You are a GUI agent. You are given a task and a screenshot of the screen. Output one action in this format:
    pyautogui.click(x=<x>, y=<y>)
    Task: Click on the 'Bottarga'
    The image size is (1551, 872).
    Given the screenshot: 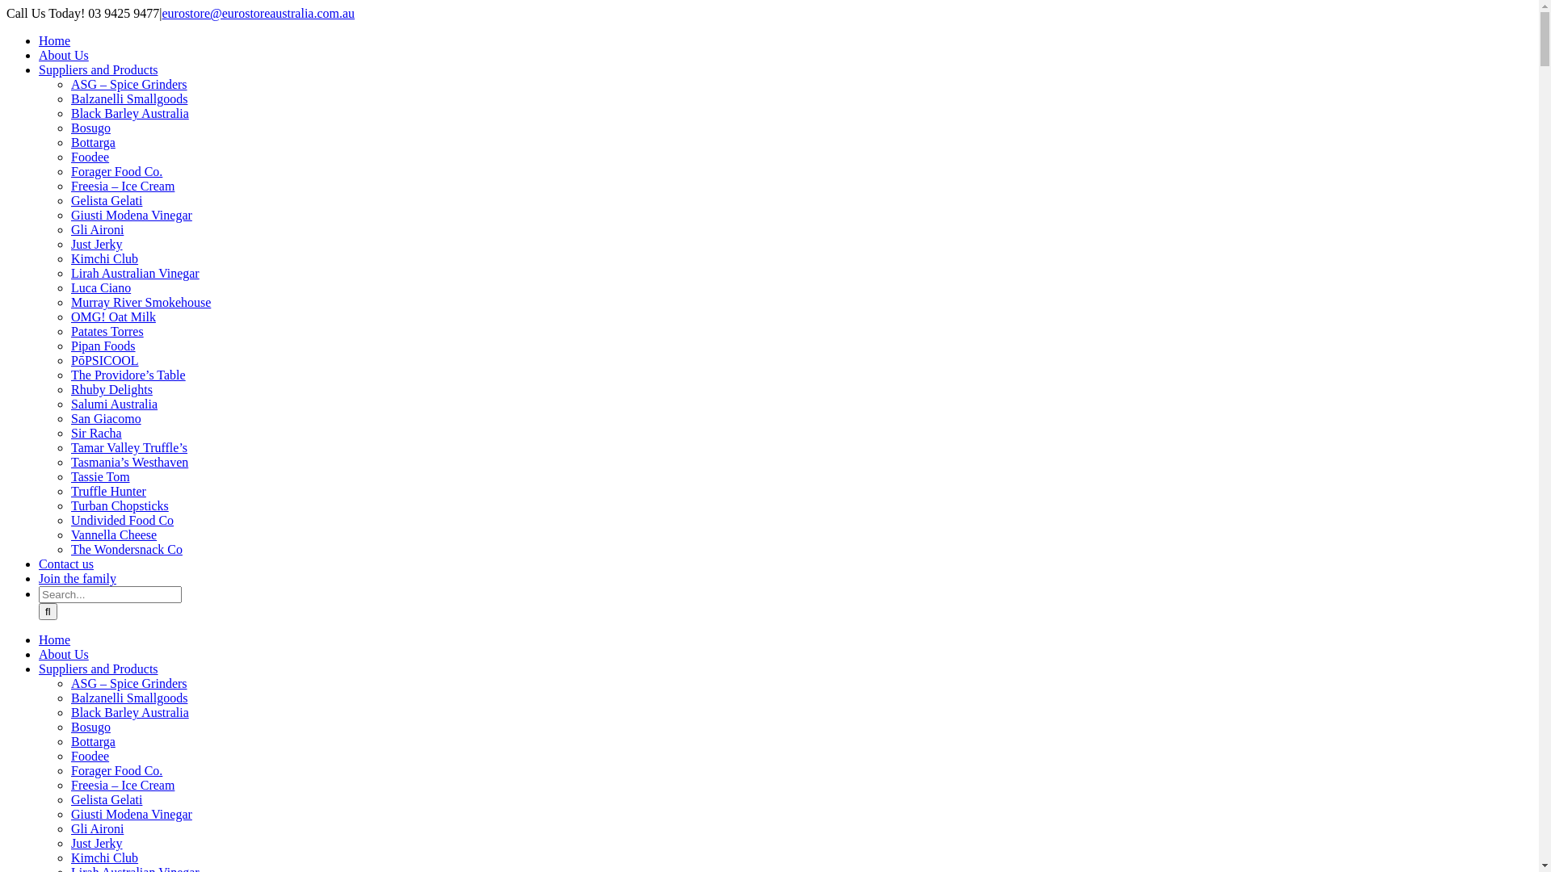 What is the action you would take?
    pyautogui.click(x=92, y=741)
    